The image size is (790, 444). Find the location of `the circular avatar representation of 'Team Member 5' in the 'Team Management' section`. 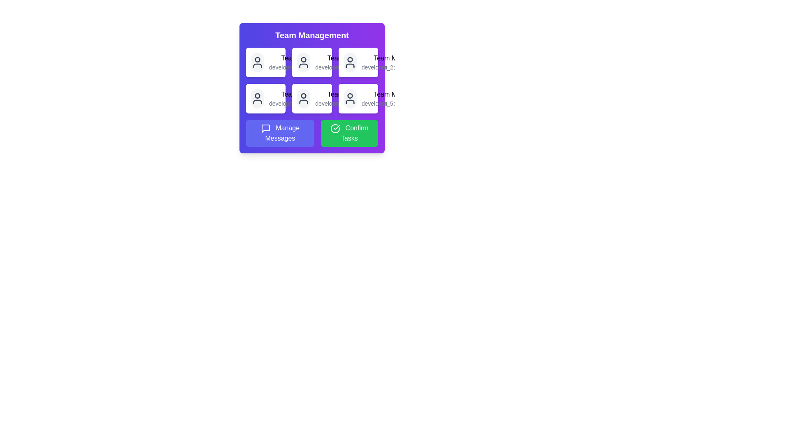

the circular avatar representation of 'Team Member 5' in the 'Team Management' section is located at coordinates (303, 98).